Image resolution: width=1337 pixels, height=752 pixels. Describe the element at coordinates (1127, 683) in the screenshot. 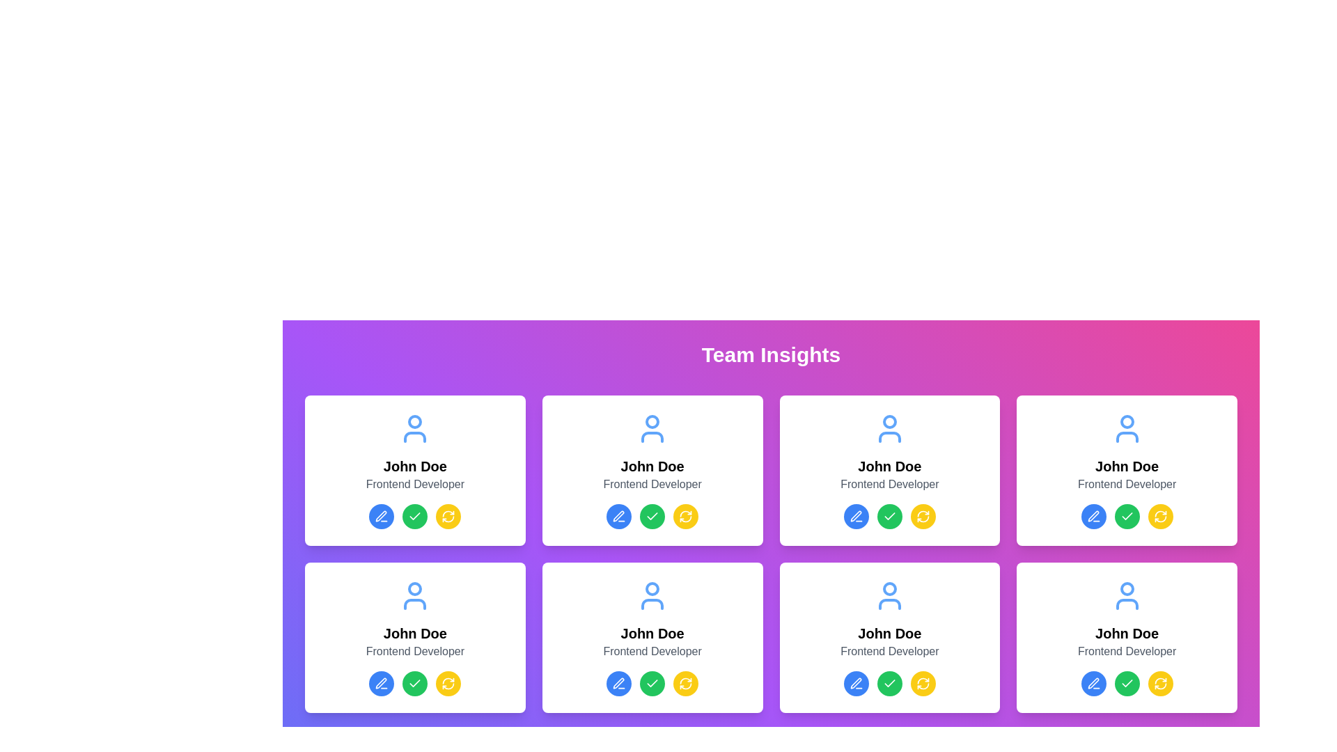

I see `the green circular button with a white checkmark icon in the center, which is the middle button in a group of four buttons below the 'Frontend Developer' label in the last profile card of the second row, to confirm or approve` at that location.